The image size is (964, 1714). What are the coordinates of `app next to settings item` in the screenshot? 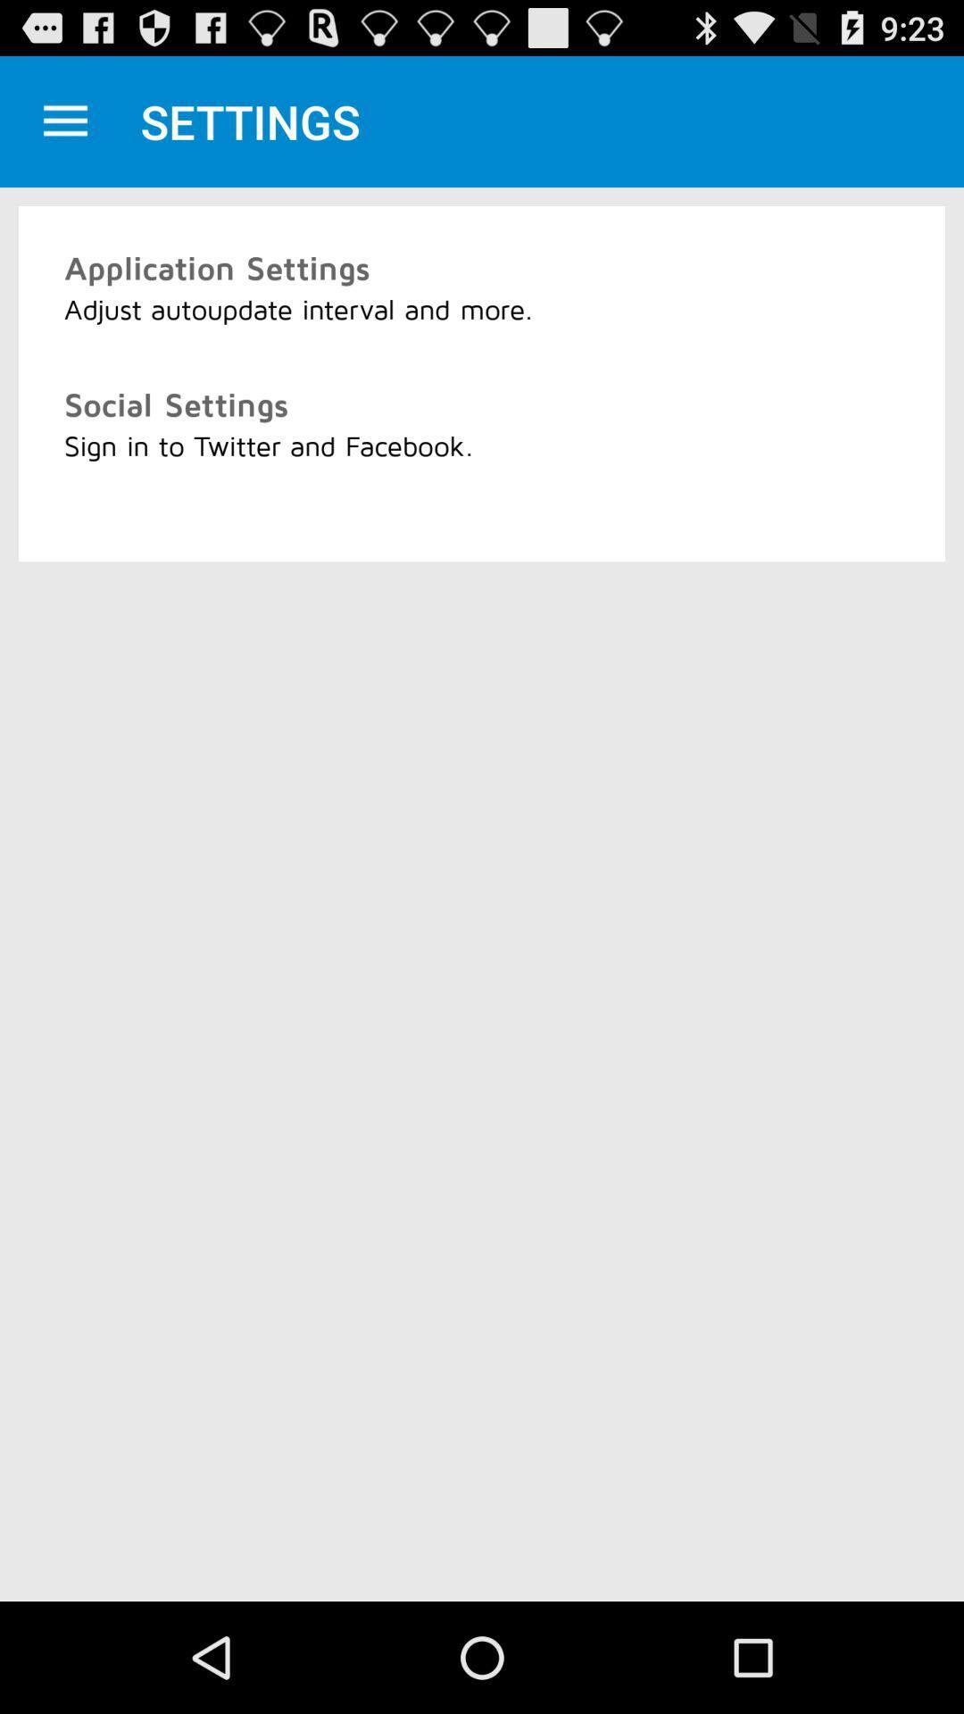 It's located at (64, 121).